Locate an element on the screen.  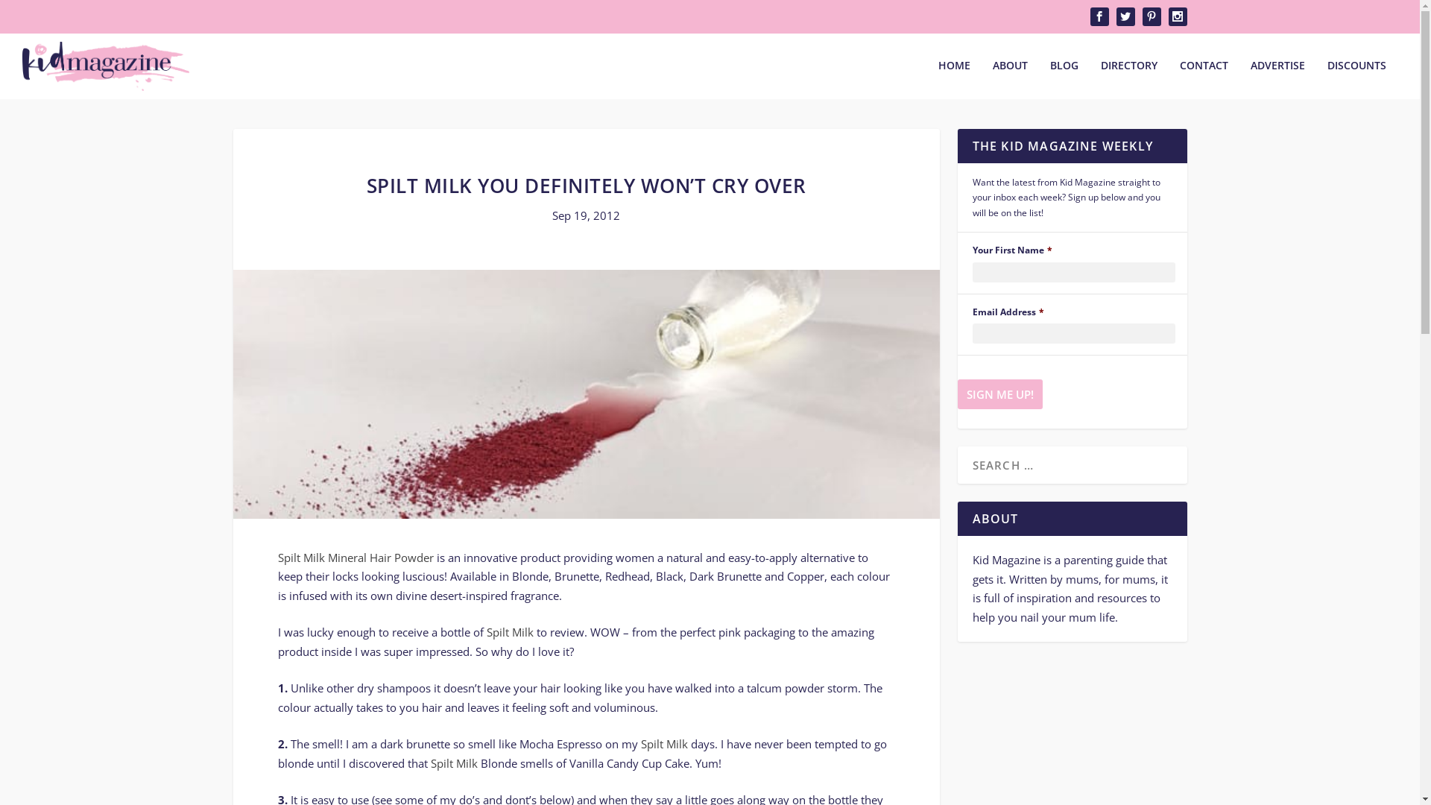
'Spilt Milk' is located at coordinates (663, 744).